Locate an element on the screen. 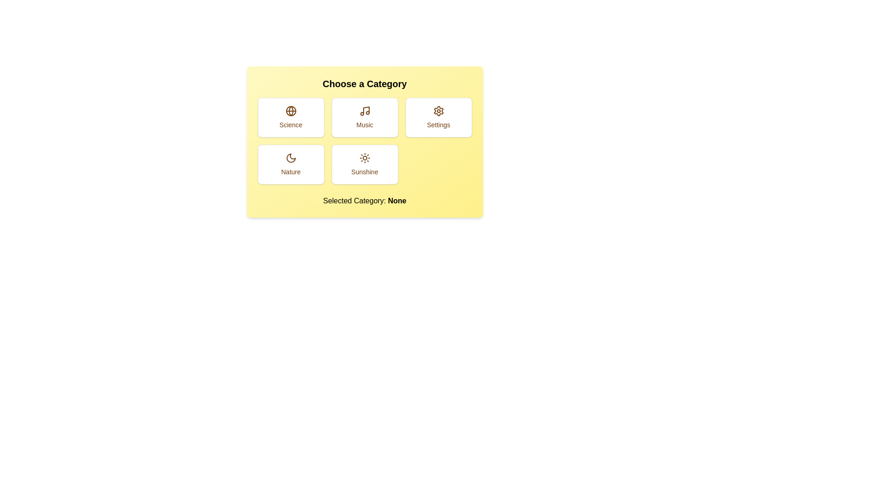  the Text label that indicates the currently selected category, which displays 'Selected Category: None' at the bottom of the interface is located at coordinates (397, 200).